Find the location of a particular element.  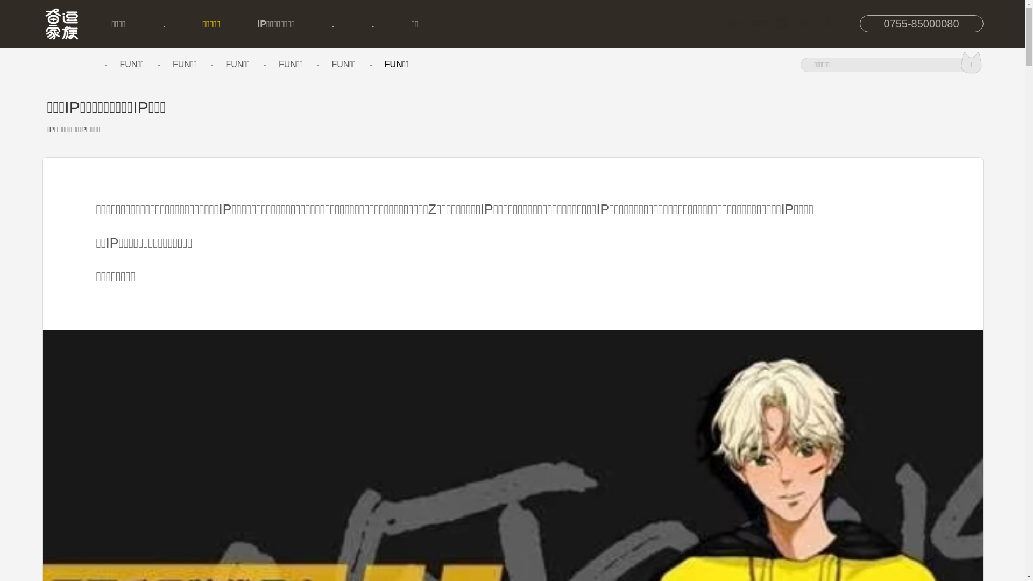

'.' is located at coordinates (332, 24).